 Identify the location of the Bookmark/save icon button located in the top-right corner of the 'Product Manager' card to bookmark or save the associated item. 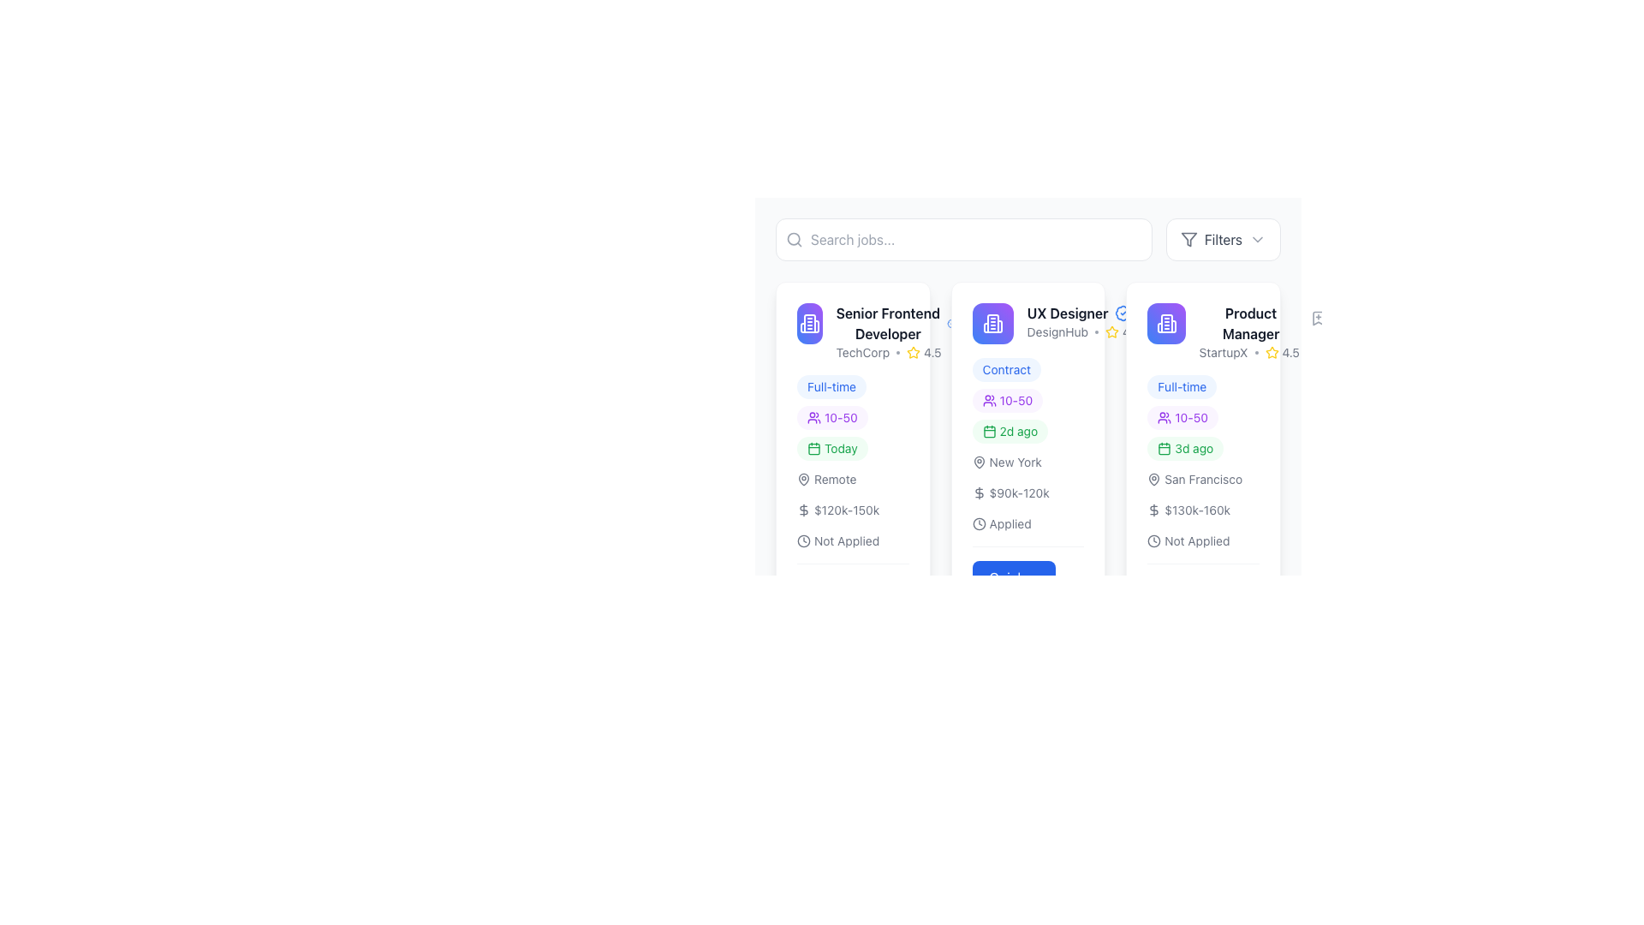
(1317, 318).